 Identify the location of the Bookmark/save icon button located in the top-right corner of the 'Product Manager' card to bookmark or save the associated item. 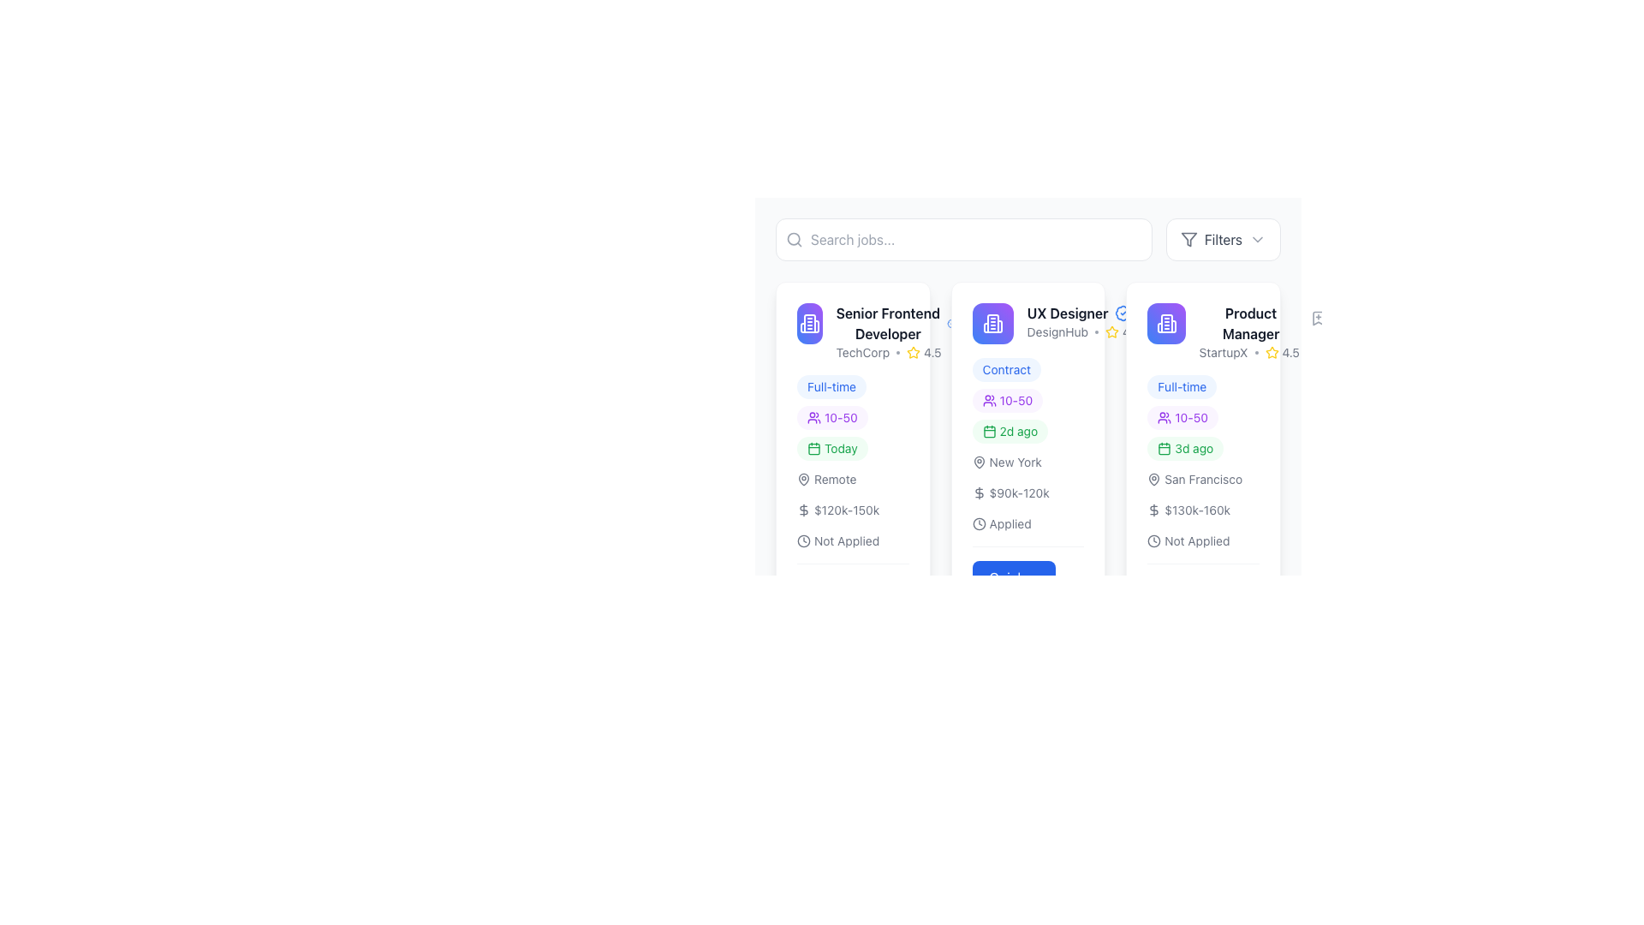
(1317, 318).